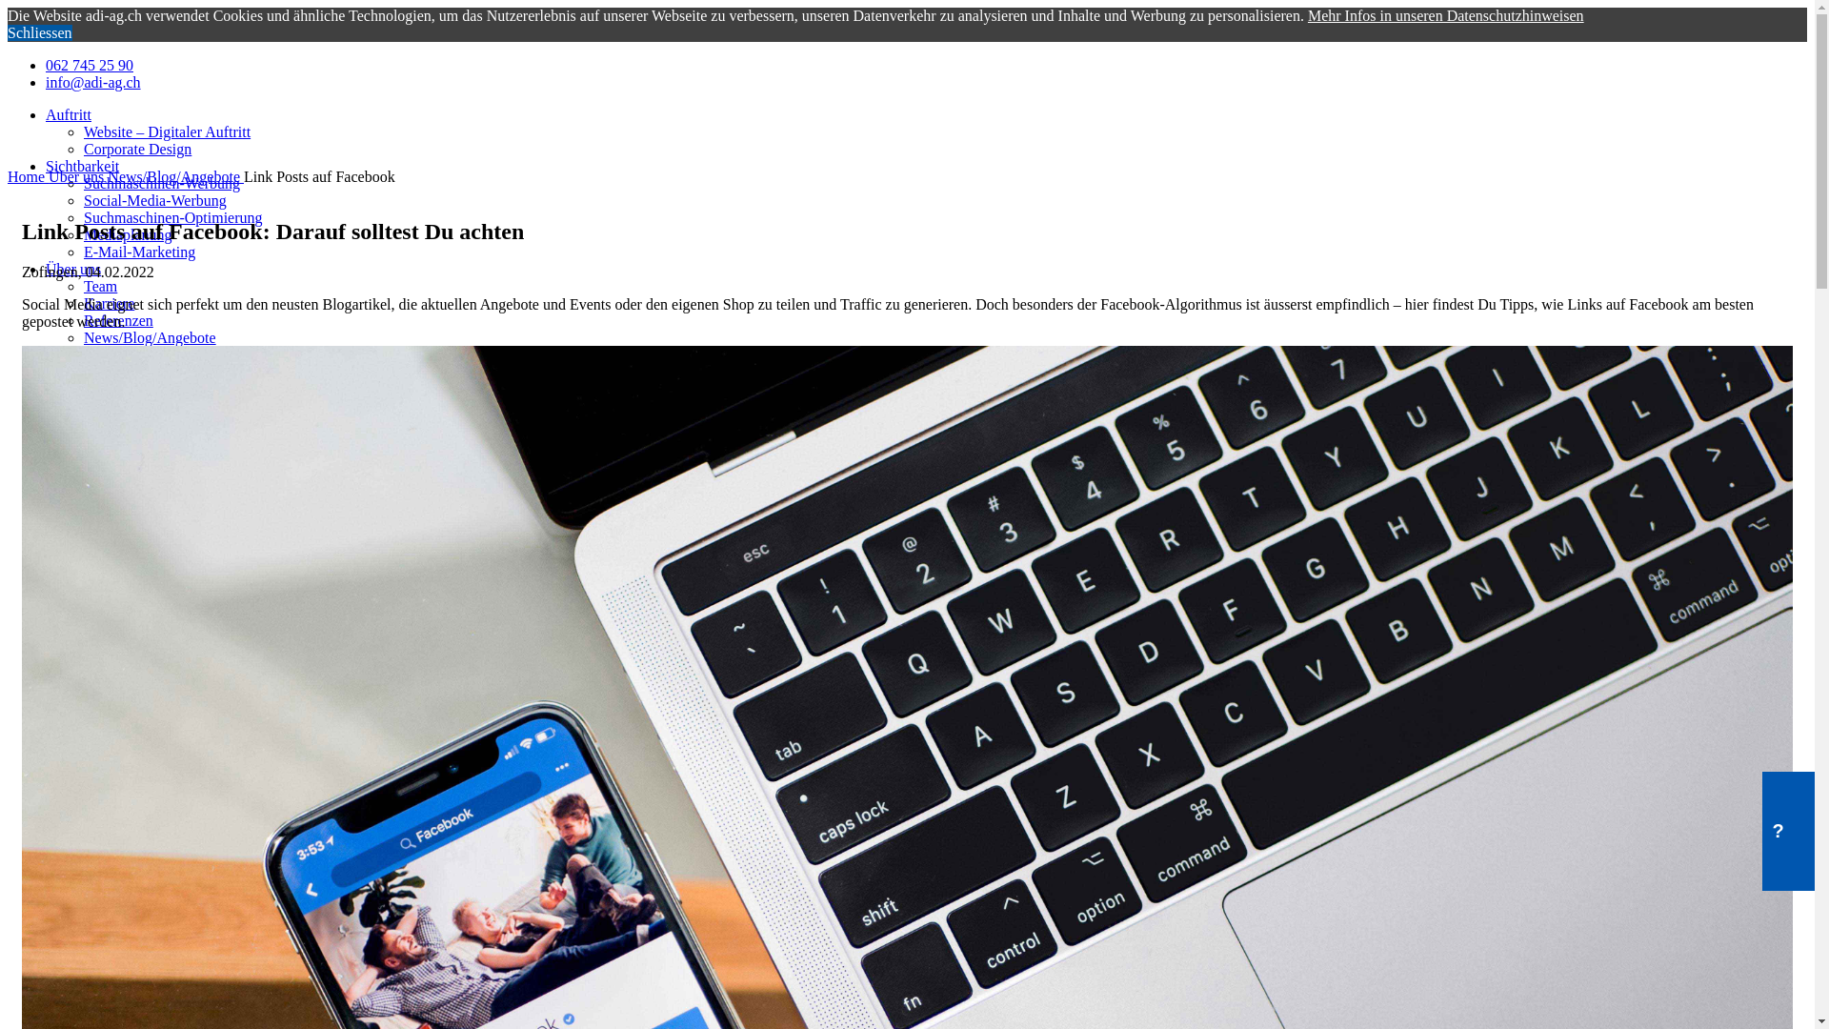 This screenshot has width=1829, height=1029. I want to click on 'E-Mail-Marketing', so click(82, 251).